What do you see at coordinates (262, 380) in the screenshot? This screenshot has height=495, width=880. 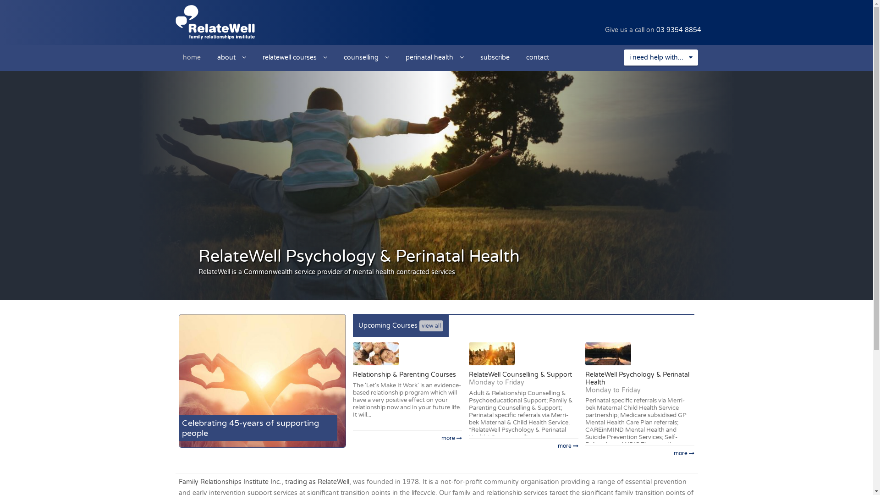 I see `'Celebrating 45-years of supporting people'` at bounding box center [262, 380].